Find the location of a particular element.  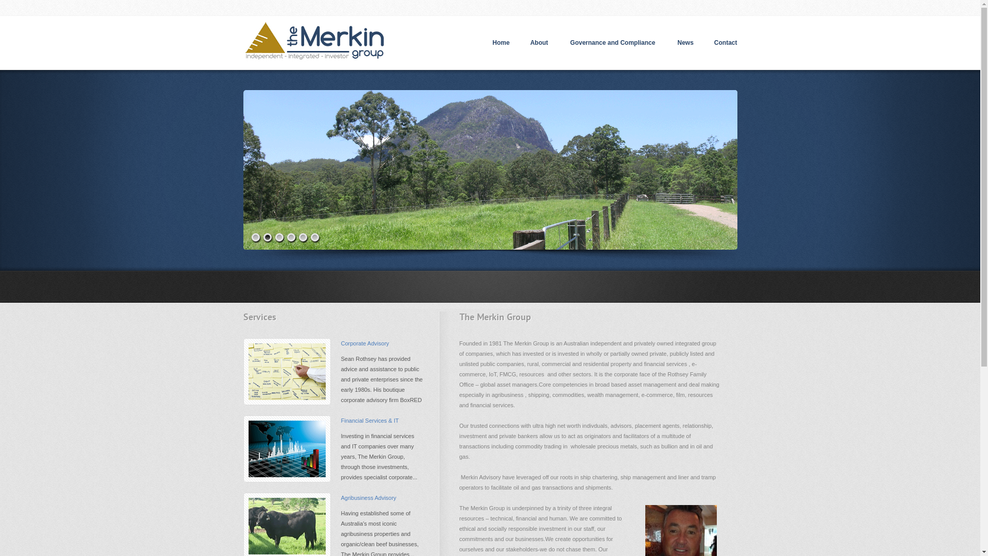

'About' is located at coordinates (539, 42).